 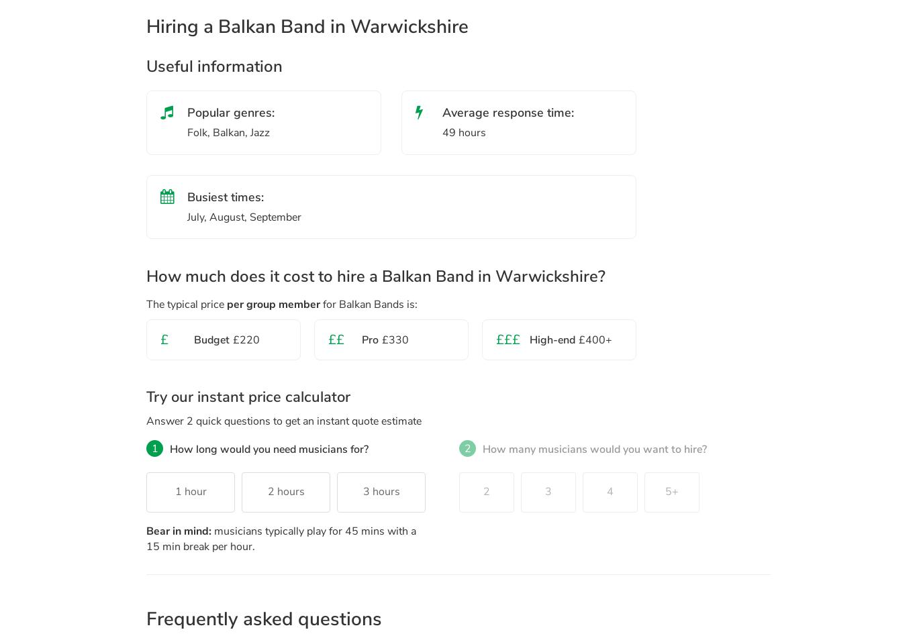 What do you see at coordinates (593, 448) in the screenshot?
I see `'How many musicians would you want to hire?'` at bounding box center [593, 448].